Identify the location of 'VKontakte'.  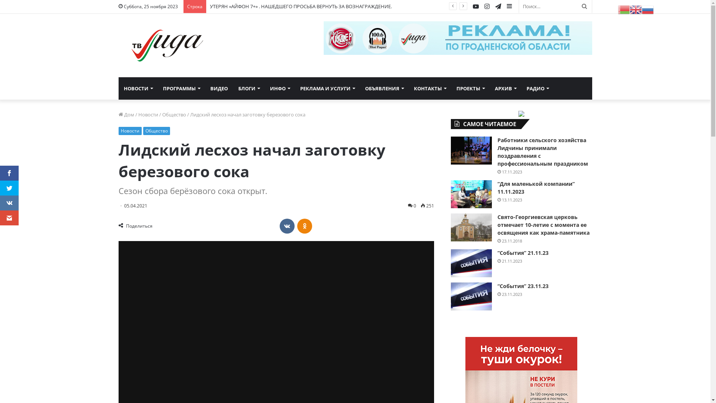
(286, 225).